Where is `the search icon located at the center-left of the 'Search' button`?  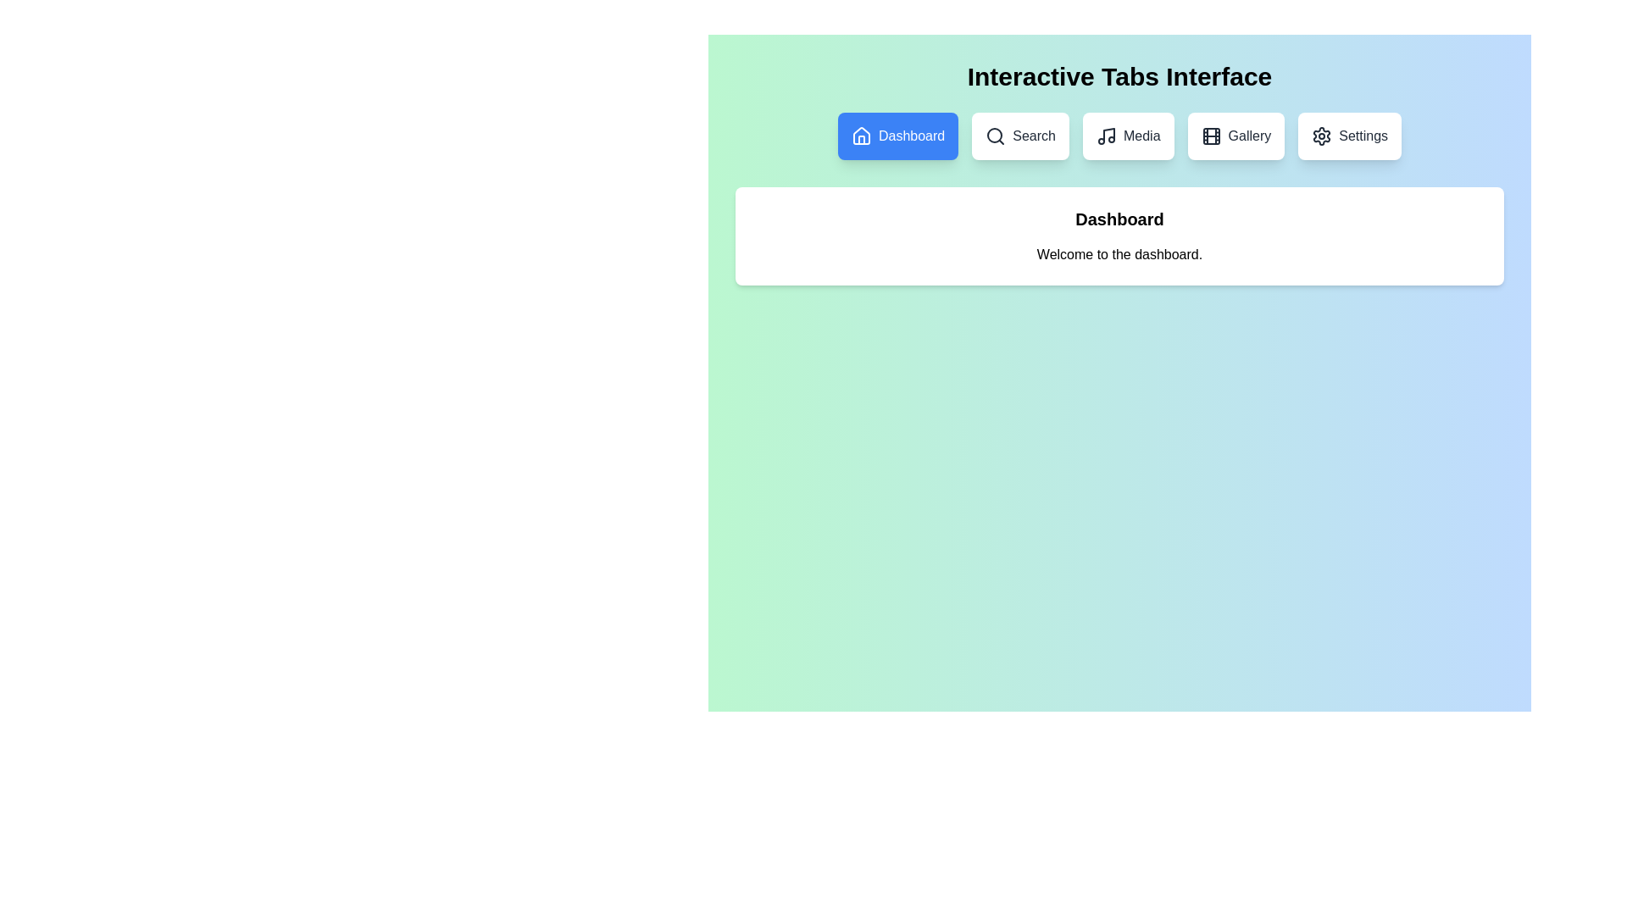 the search icon located at the center-left of the 'Search' button is located at coordinates (996, 136).